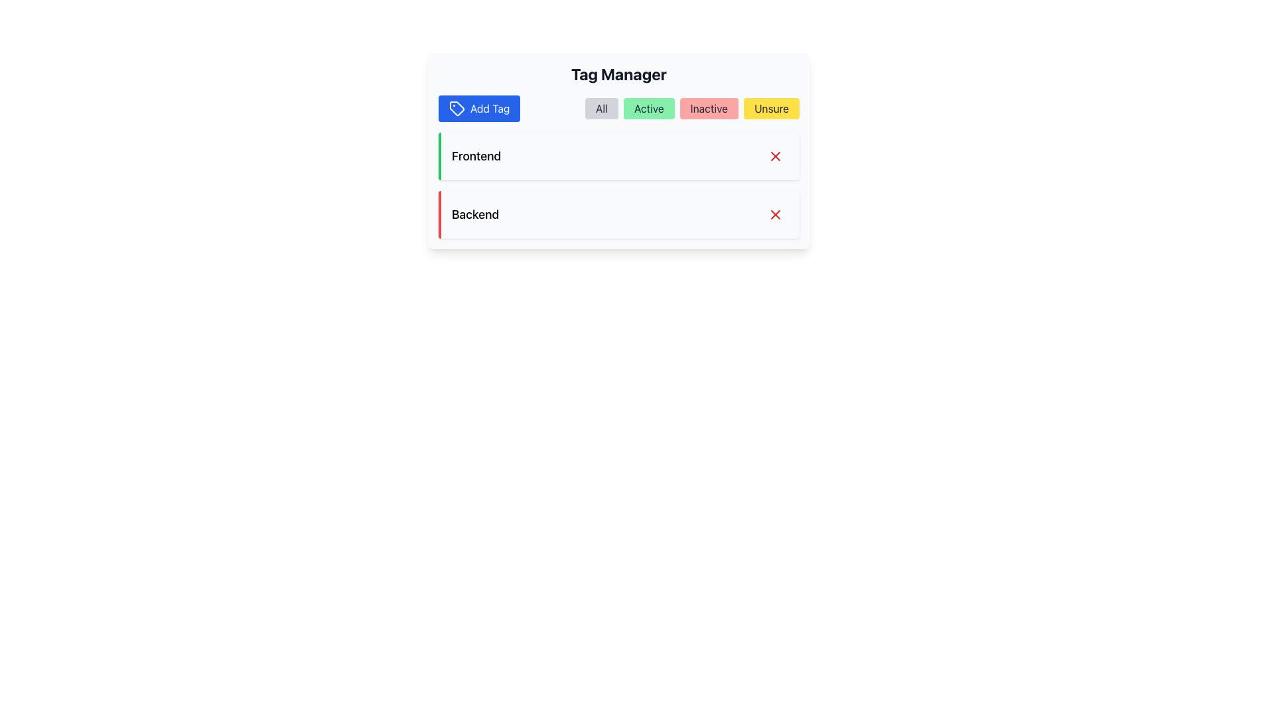 The height and width of the screenshot is (716, 1274). What do you see at coordinates (776, 214) in the screenshot?
I see `the delete button located at the bottom-right corner of the 'Backend' row in the 'Tag Manager' interface` at bounding box center [776, 214].